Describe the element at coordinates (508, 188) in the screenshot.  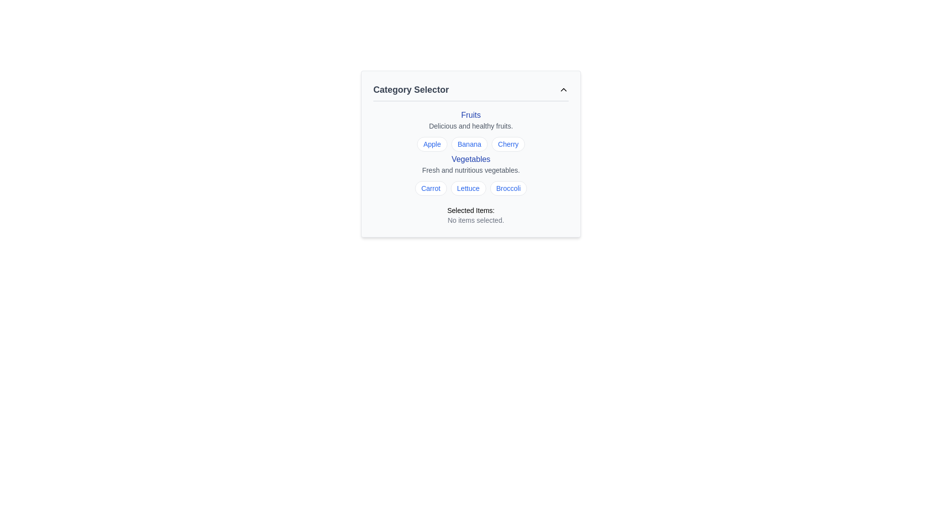
I see `the 'Broccoli' selection button located in the 'Vegetables' category, which is the third button in a group of pill-shaped buttons` at that location.